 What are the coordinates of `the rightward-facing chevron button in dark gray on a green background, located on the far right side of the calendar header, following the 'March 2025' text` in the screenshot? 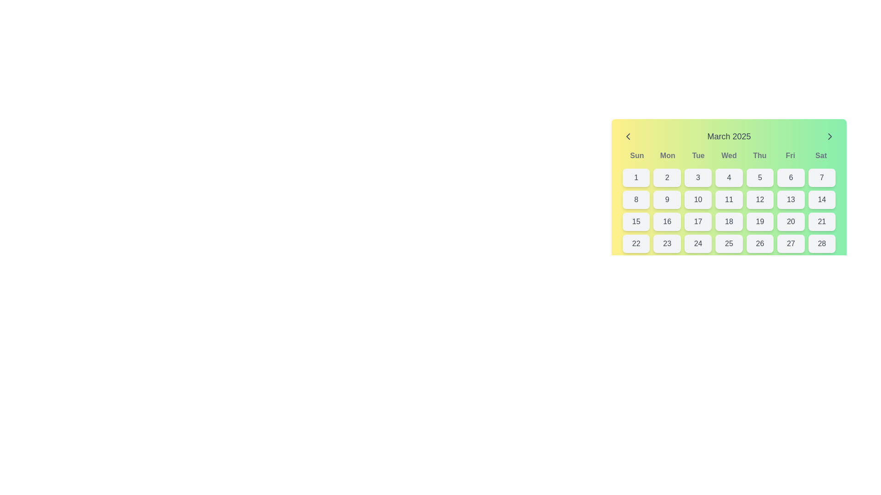 It's located at (830, 136).